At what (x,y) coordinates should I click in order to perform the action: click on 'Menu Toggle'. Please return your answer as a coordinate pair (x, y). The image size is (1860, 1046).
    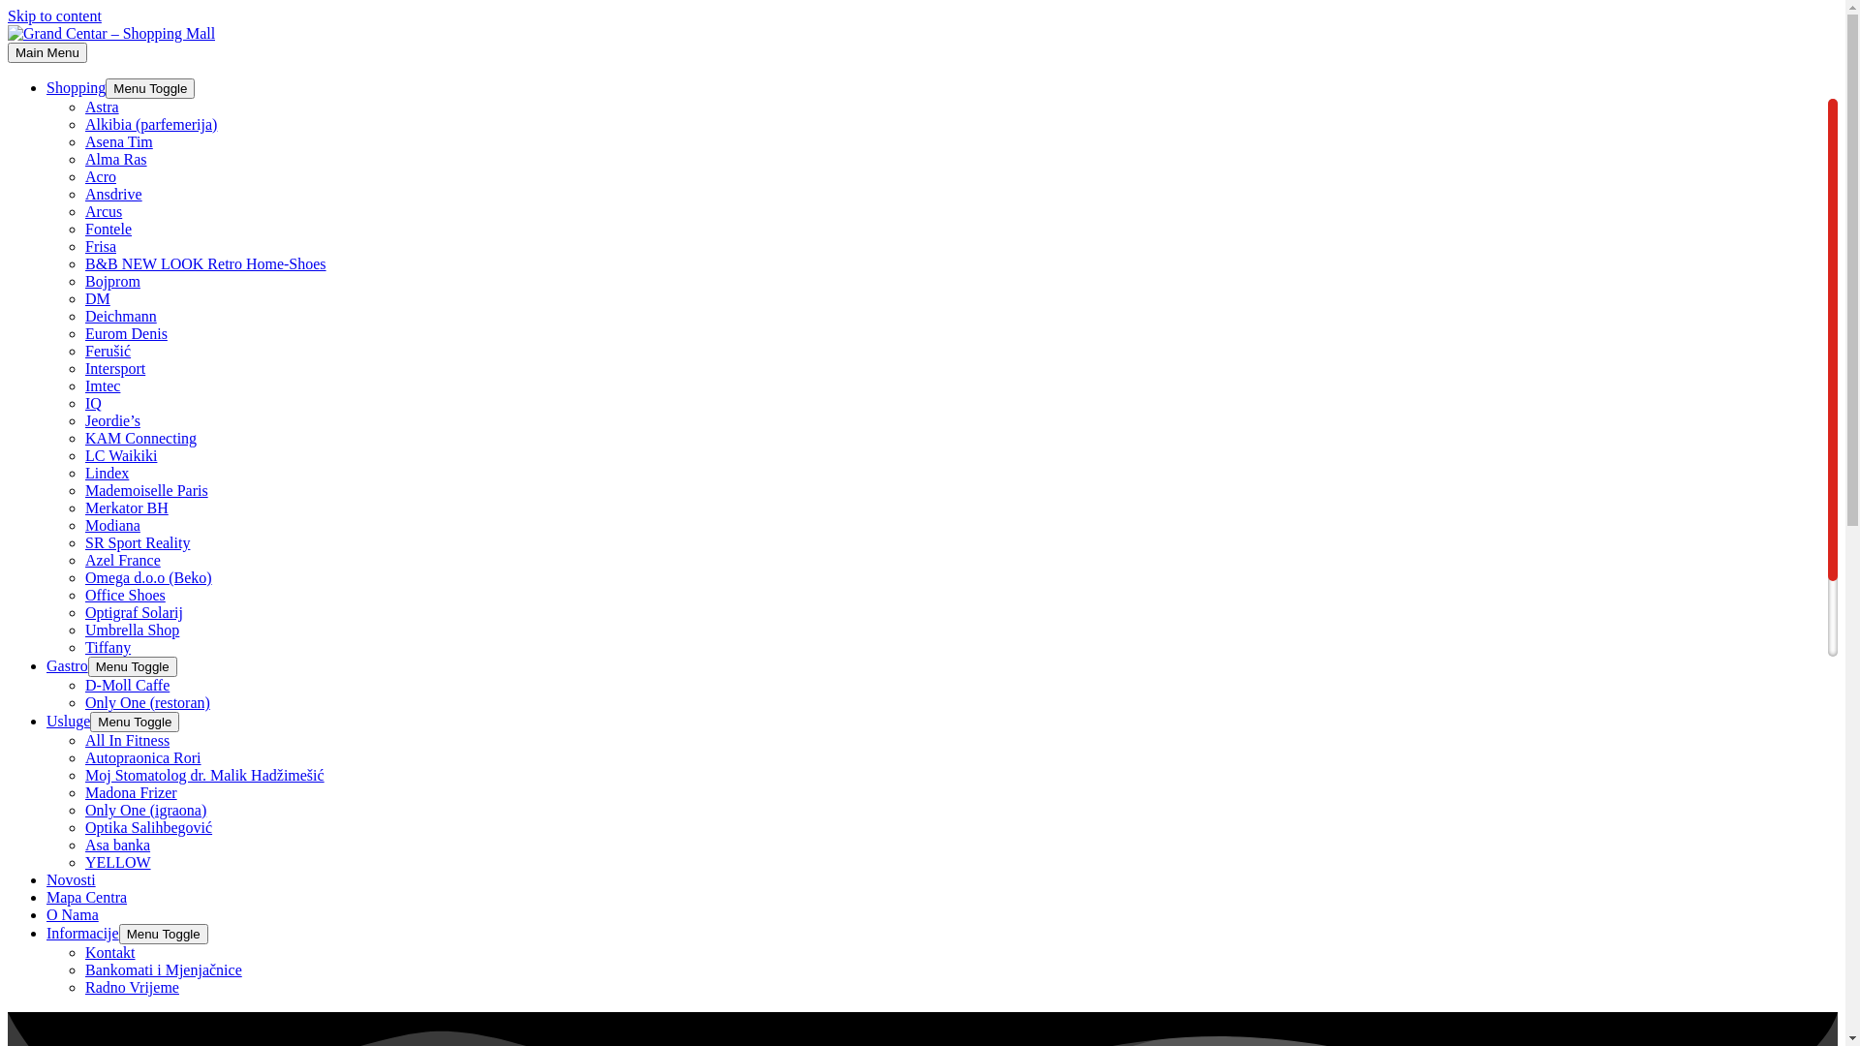
    Looking at the image, I should click on (88, 722).